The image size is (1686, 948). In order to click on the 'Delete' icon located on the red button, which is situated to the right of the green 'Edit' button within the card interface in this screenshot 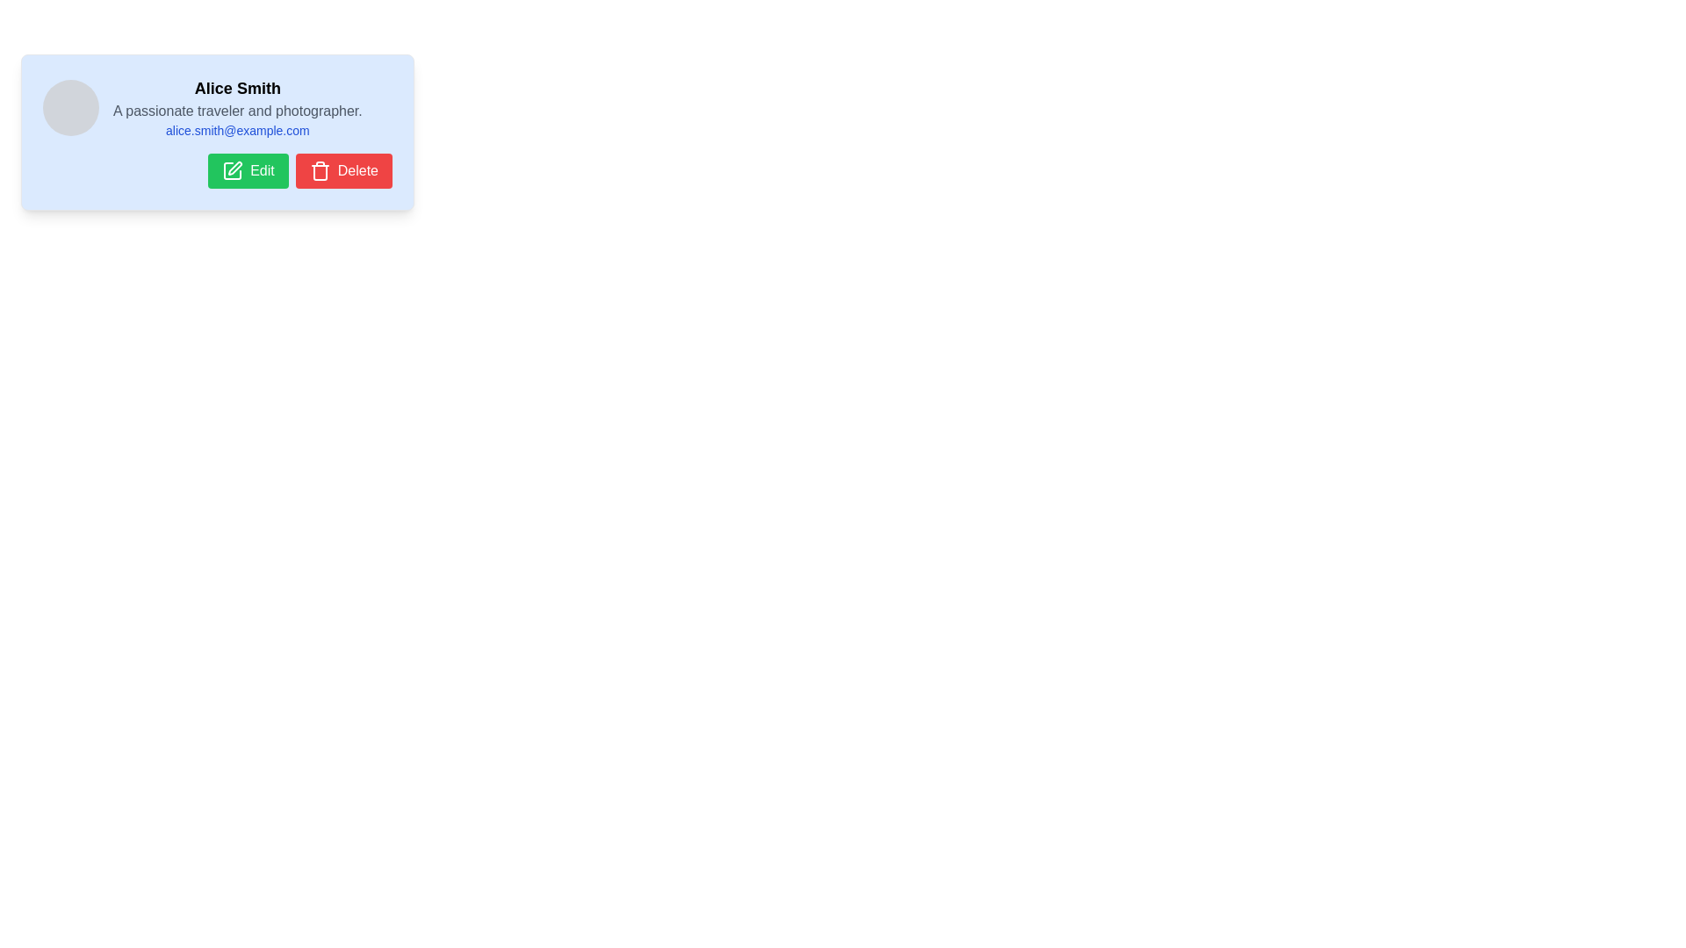, I will do `click(320, 172)`.